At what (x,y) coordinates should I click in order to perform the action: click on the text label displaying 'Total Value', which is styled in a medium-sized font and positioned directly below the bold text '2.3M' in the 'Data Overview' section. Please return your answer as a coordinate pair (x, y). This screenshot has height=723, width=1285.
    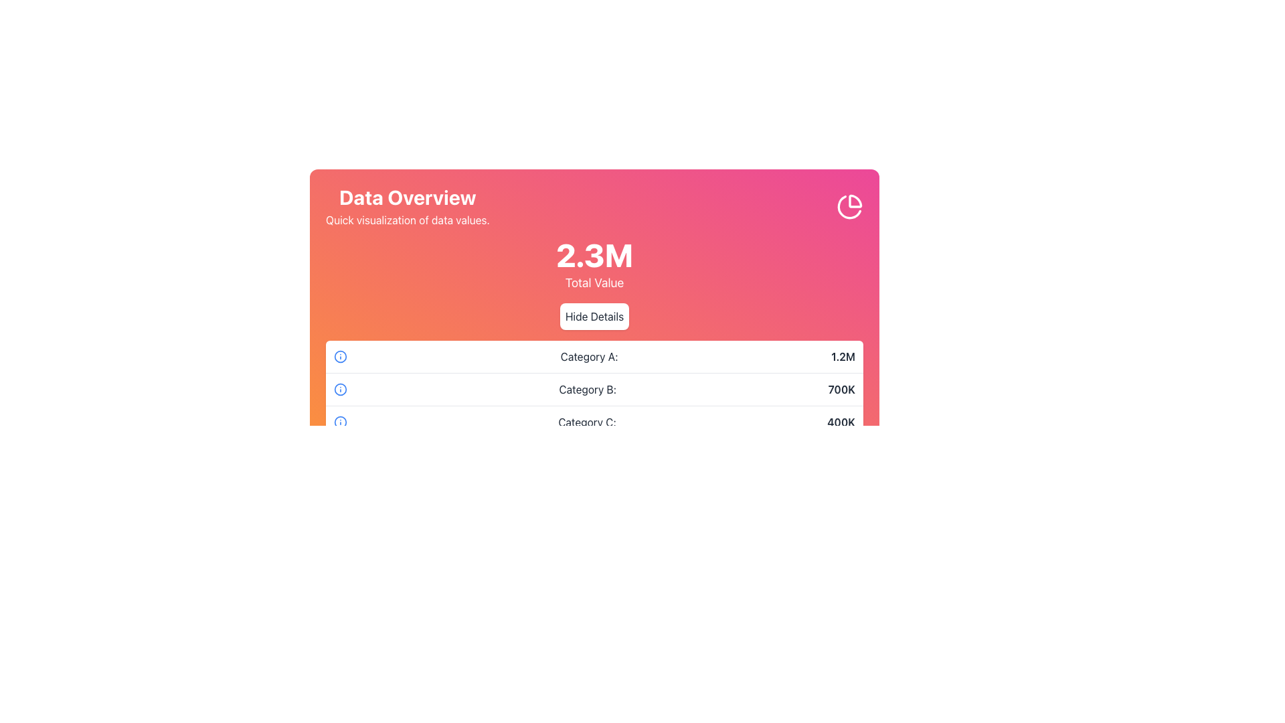
    Looking at the image, I should click on (594, 283).